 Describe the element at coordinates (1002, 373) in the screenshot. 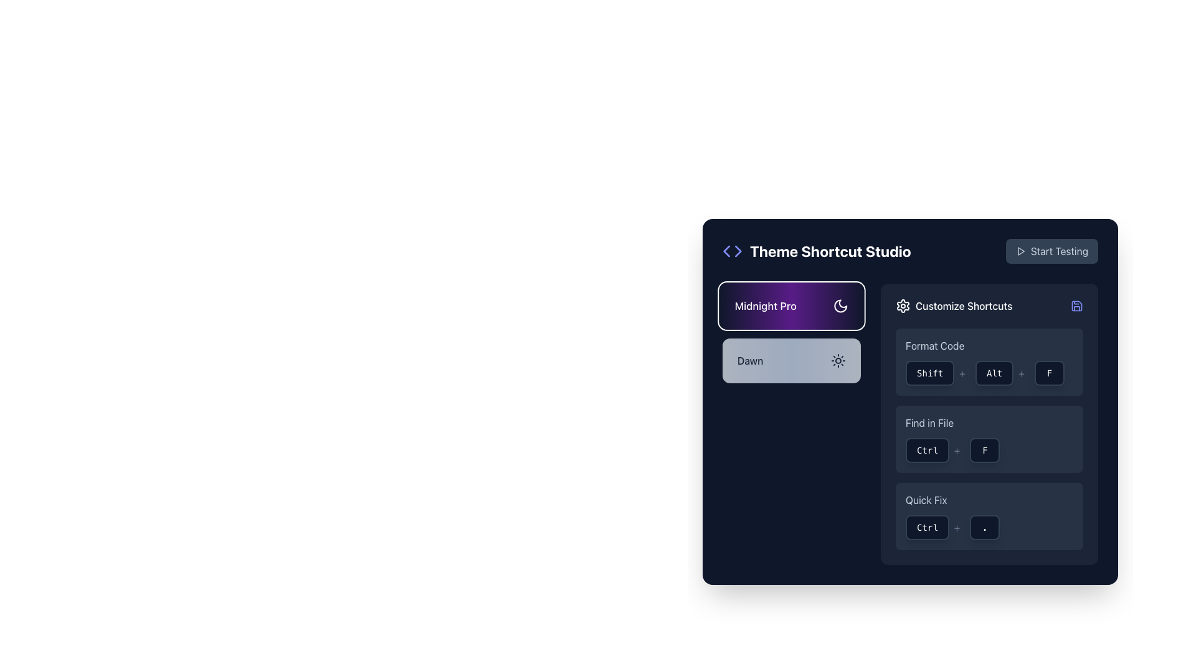

I see `the display-only 'Alt' key button located in the 'Format Code' section of the 'Customize Shortcuts' panel, positioned between the 'Shift' button and the '+' symbol` at that location.